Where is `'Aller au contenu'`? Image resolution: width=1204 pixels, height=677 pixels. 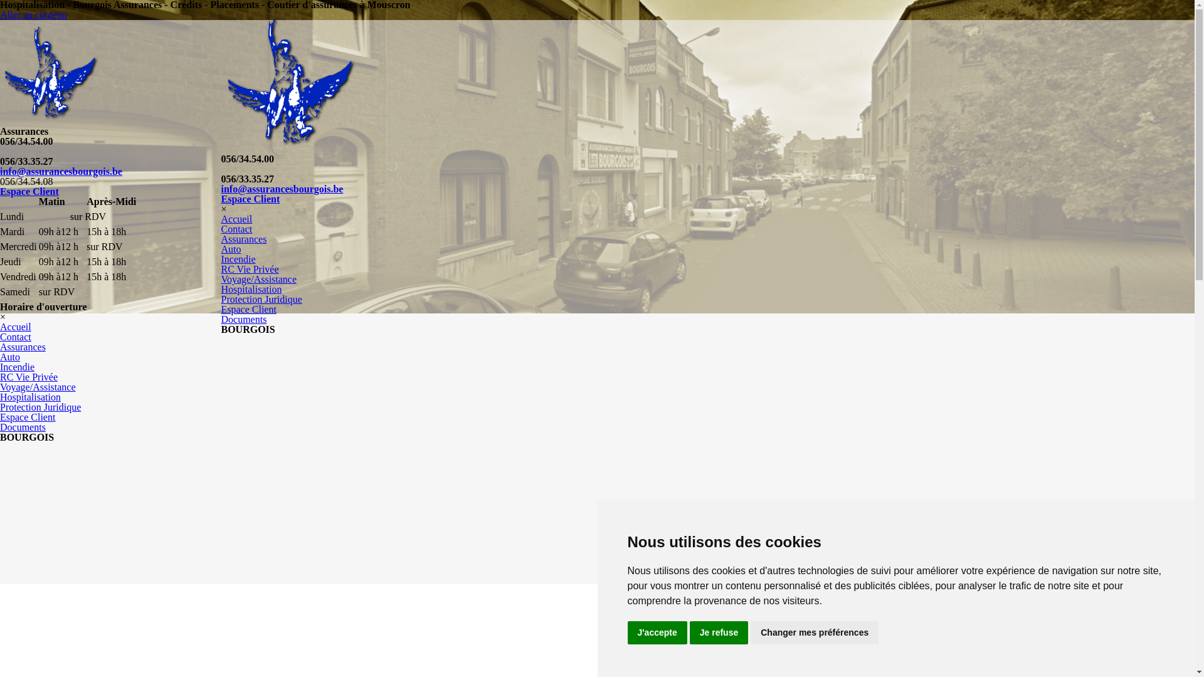
'Aller au contenu' is located at coordinates (33, 14).